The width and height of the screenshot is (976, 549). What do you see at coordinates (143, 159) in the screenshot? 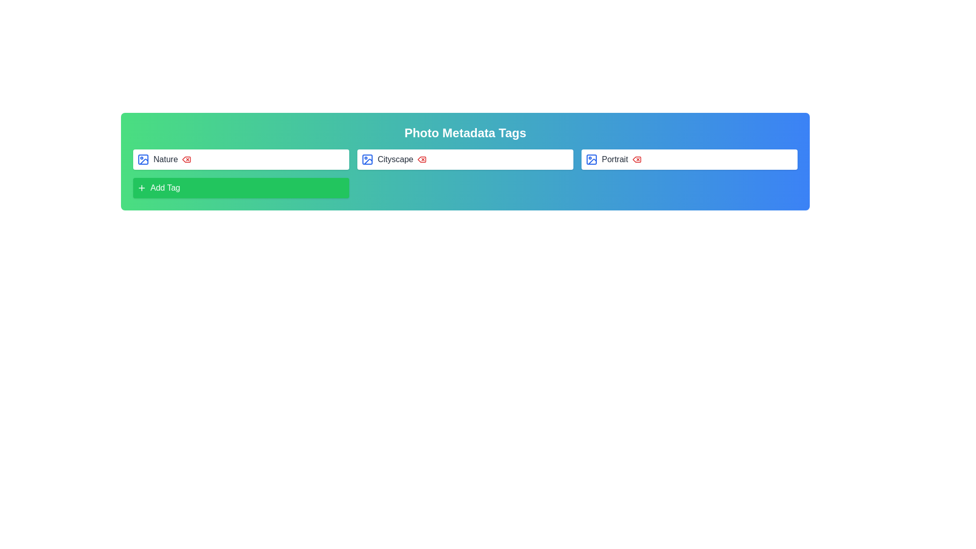
I see `the square-shaped icon with a blue outline, containing a smaller circle and a line inside, located to the left of the 'Nature' label in the metadata section` at bounding box center [143, 159].